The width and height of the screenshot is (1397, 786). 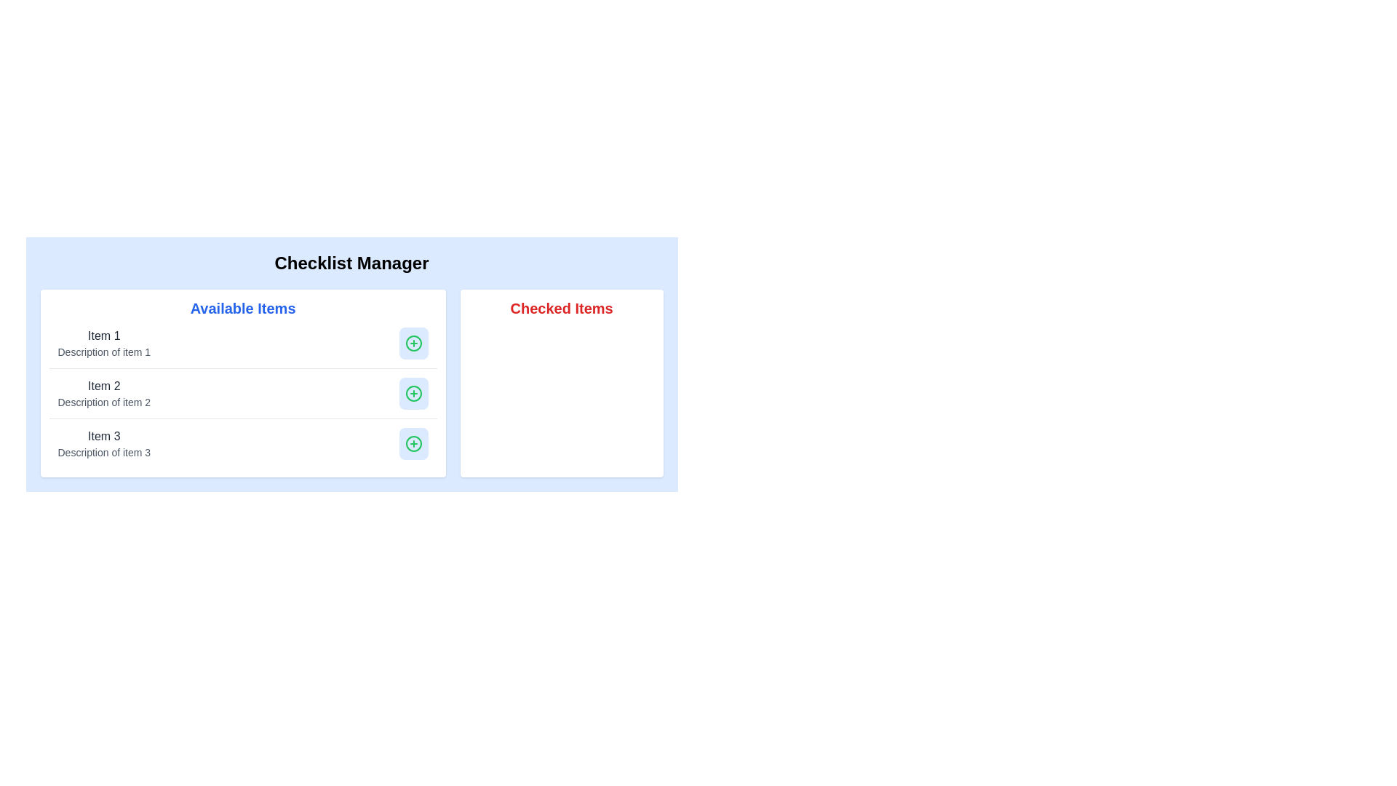 I want to click on the non-interactive illustration (circle) that visually represents the center of the 'Add' button in the 'Available Items' column for 'Item 1', so click(x=413, y=343).